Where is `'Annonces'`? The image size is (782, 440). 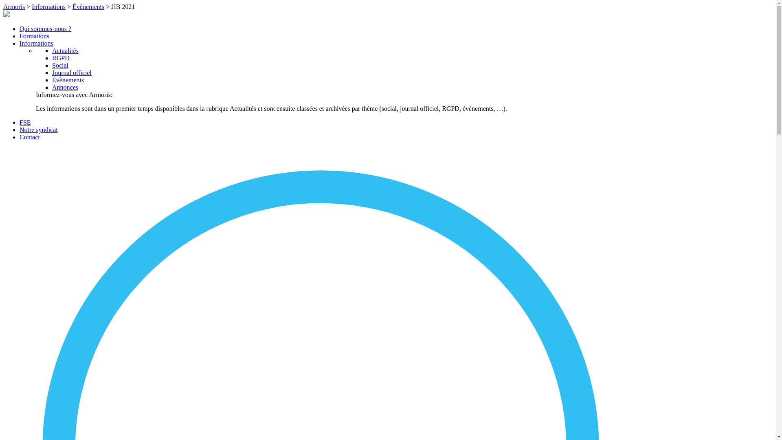
'Annonces' is located at coordinates (64, 87).